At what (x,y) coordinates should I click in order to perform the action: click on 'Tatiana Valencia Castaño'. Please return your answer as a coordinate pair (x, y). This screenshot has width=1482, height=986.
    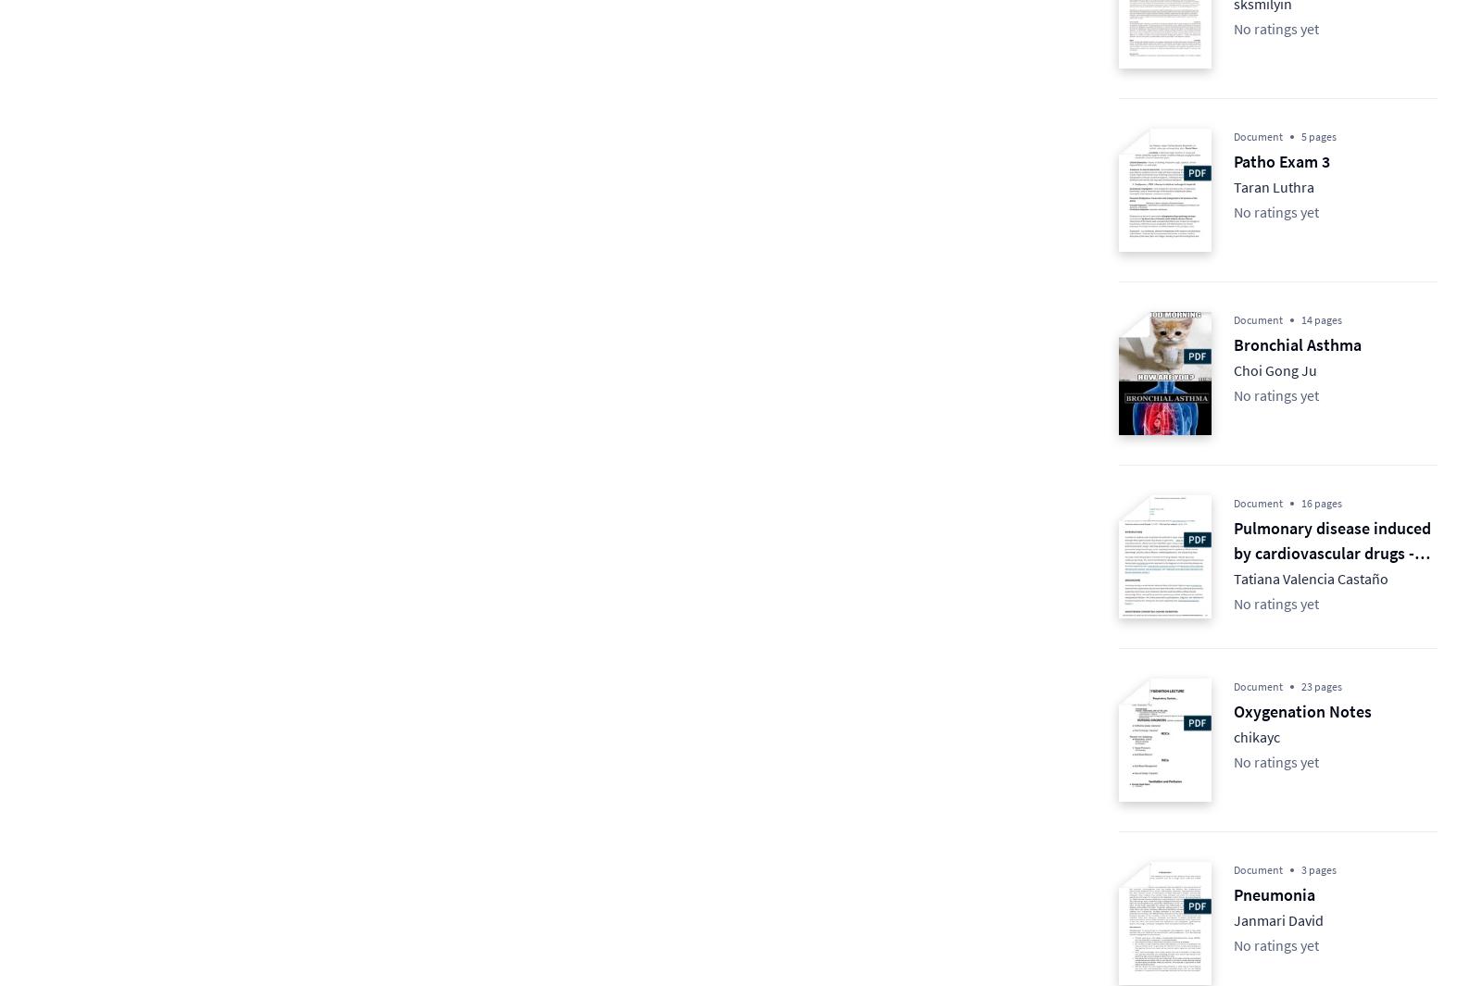
    Looking at the image, I should click on (1311, 579).